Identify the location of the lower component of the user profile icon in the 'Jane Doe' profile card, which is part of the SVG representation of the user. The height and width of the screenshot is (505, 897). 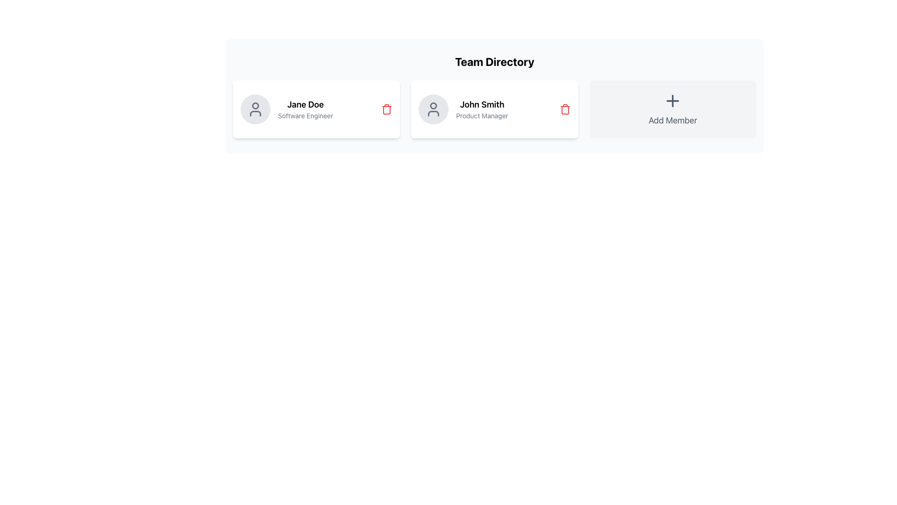
(256, 113).